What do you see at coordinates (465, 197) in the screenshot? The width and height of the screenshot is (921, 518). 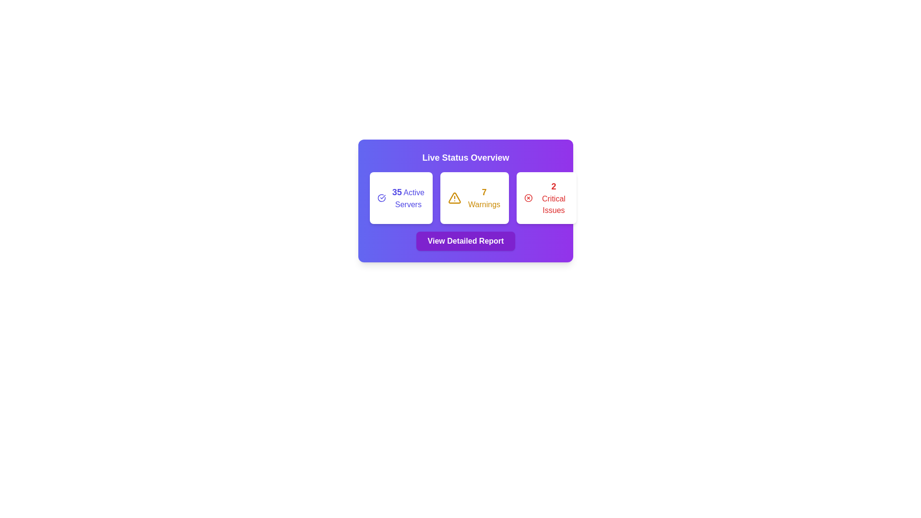 I see `the warning icon on the informational card indicating '7 Warnings' within the 'Live Status Overview' dashboard` at bounding box center [465, 197].